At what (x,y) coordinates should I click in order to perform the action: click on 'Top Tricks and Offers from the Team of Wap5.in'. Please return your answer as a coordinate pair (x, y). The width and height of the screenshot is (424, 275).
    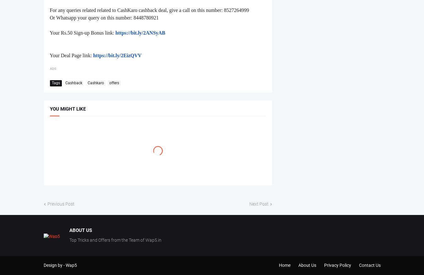
    Looking at the image, I should click on (69, 239).